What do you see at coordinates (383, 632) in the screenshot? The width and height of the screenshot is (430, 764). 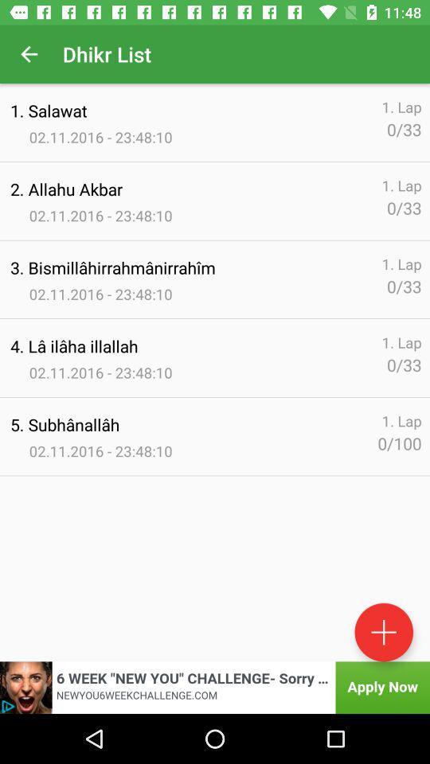 I see `the item at the bottom right corner` at bounding box center [383, 632].